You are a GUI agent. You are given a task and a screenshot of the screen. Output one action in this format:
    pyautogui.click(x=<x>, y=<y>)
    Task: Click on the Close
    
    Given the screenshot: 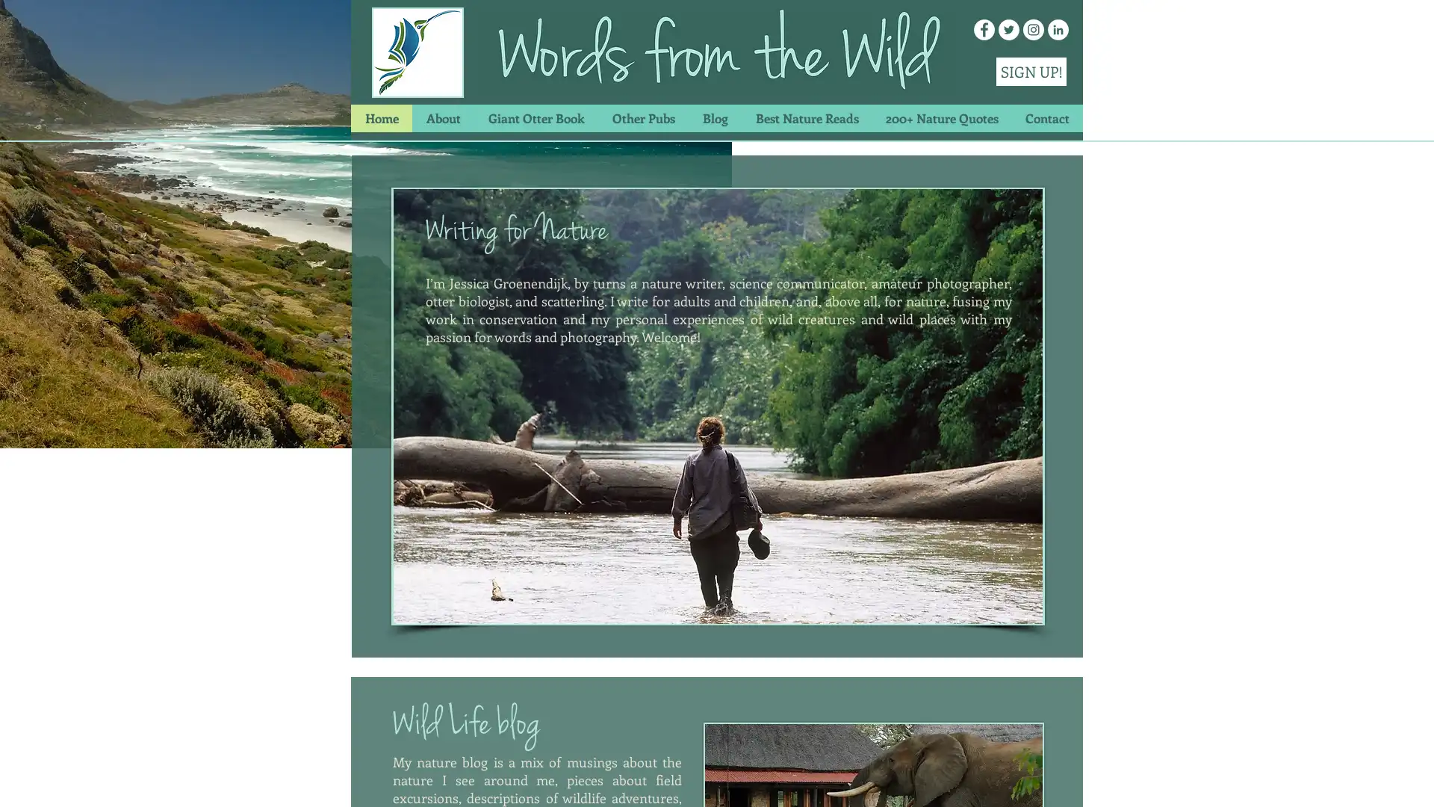 What is the action you would take?
    pyautogui.click(x=1415, y=780)
    